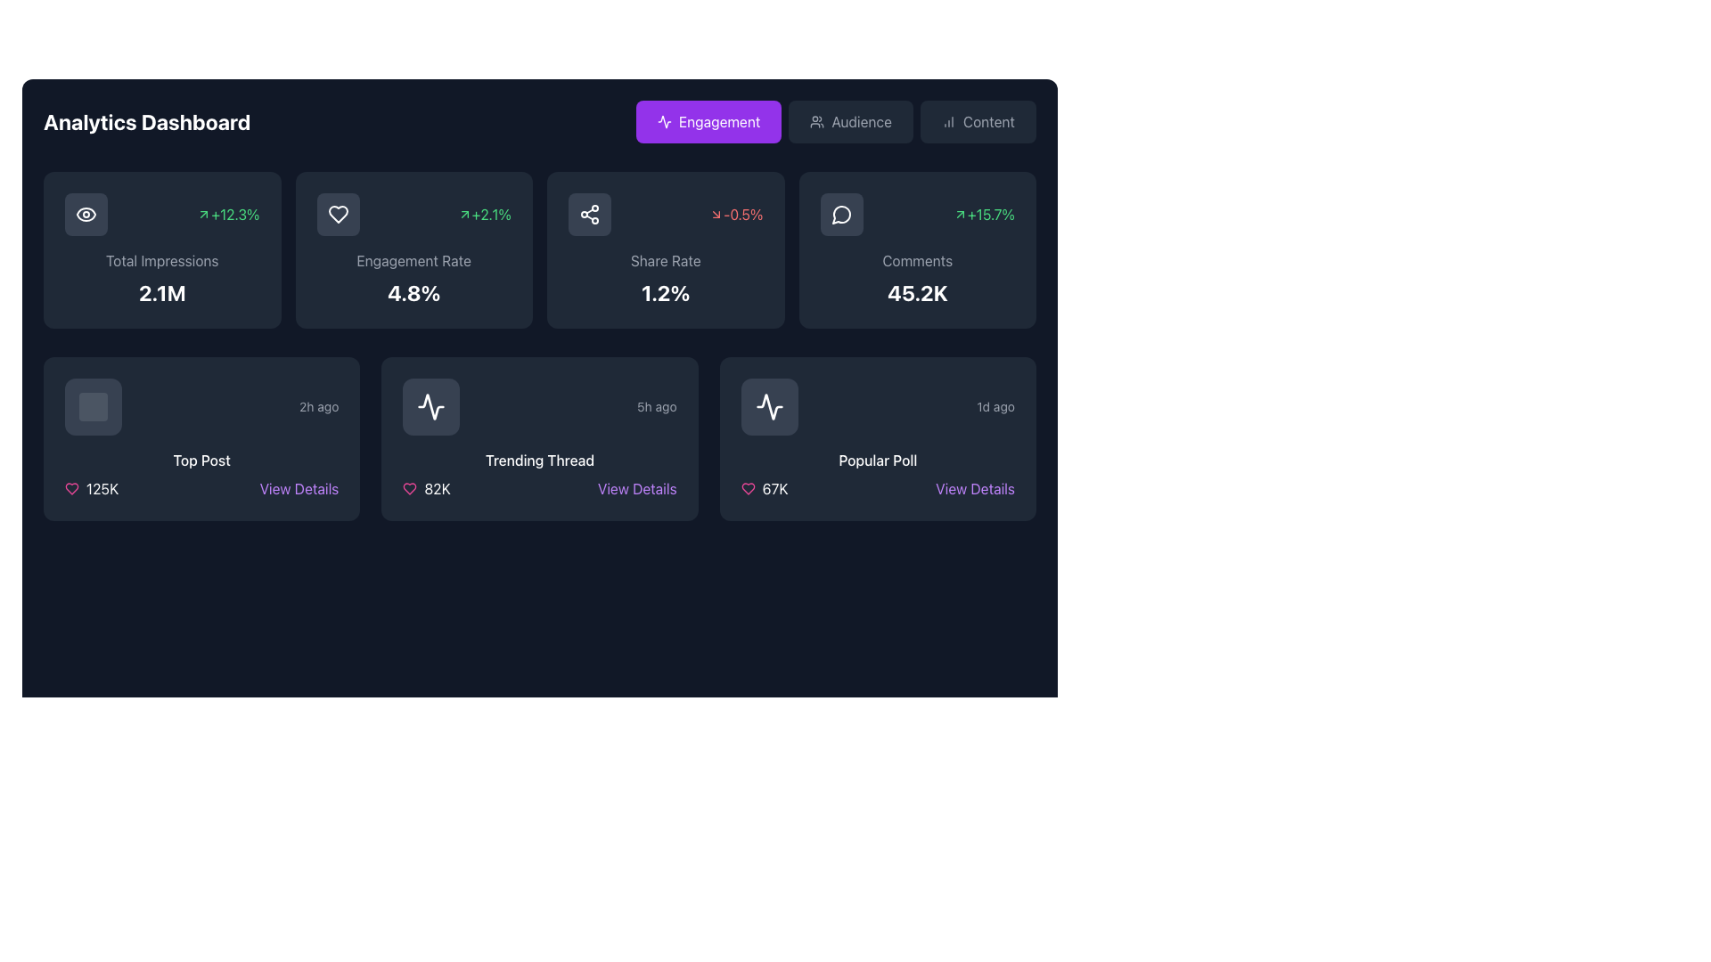 The width and height of the screenshot is (1711, 962). What do you see at coordinates (995, 406) in the screenshot?
I see `the text label displaying '1d ago' in light gray font, located in the bottom-right corner of the 'Popular Poll' section in the dashboard interface` at bounding box center [995, 406].